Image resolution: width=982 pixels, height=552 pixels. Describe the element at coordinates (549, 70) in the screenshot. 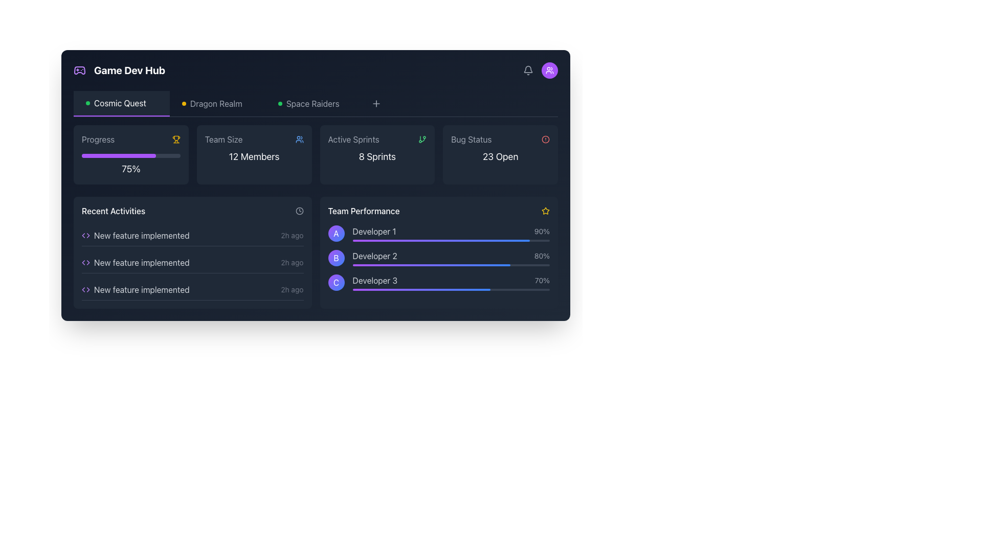

I see `the user management or team viewing icon located in the top-right corner of the interface, directly under the notification icon` at that location.